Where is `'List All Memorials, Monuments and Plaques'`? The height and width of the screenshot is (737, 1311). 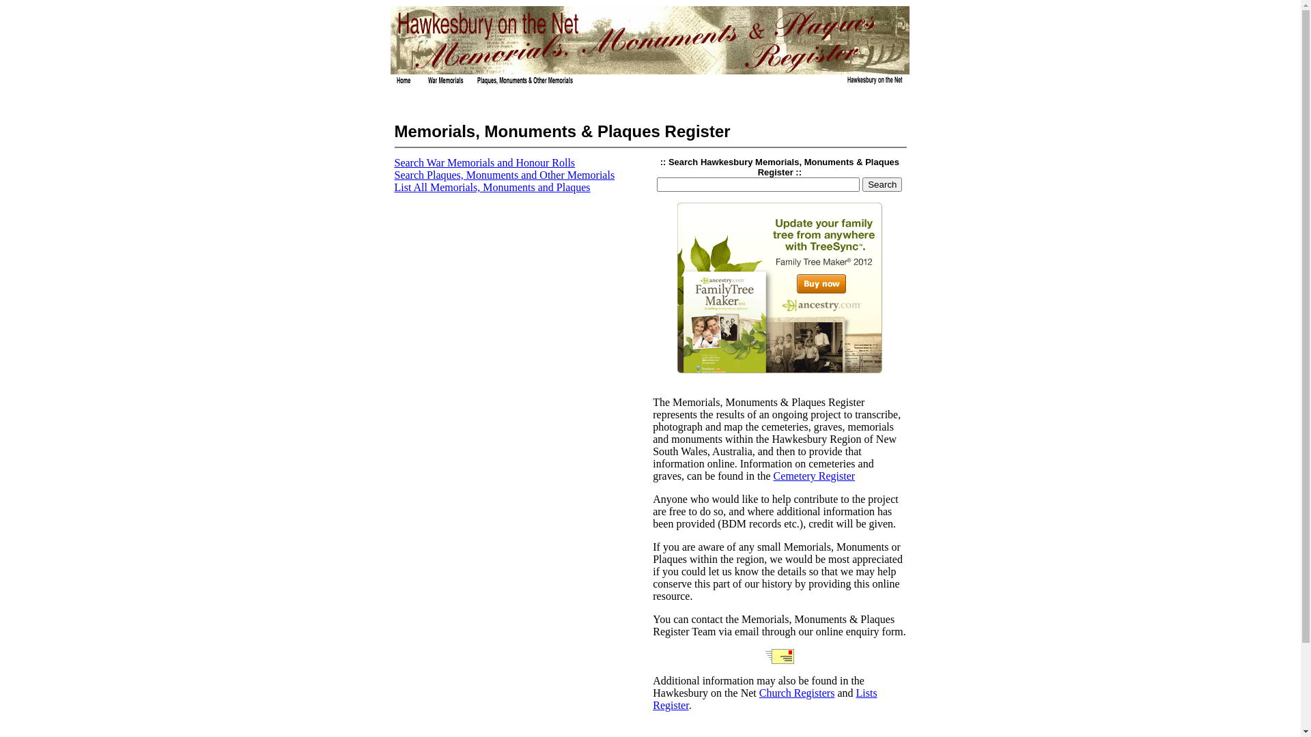 'List All Memorials, Monuments and Plaques' is located at coordinates (492, 187).